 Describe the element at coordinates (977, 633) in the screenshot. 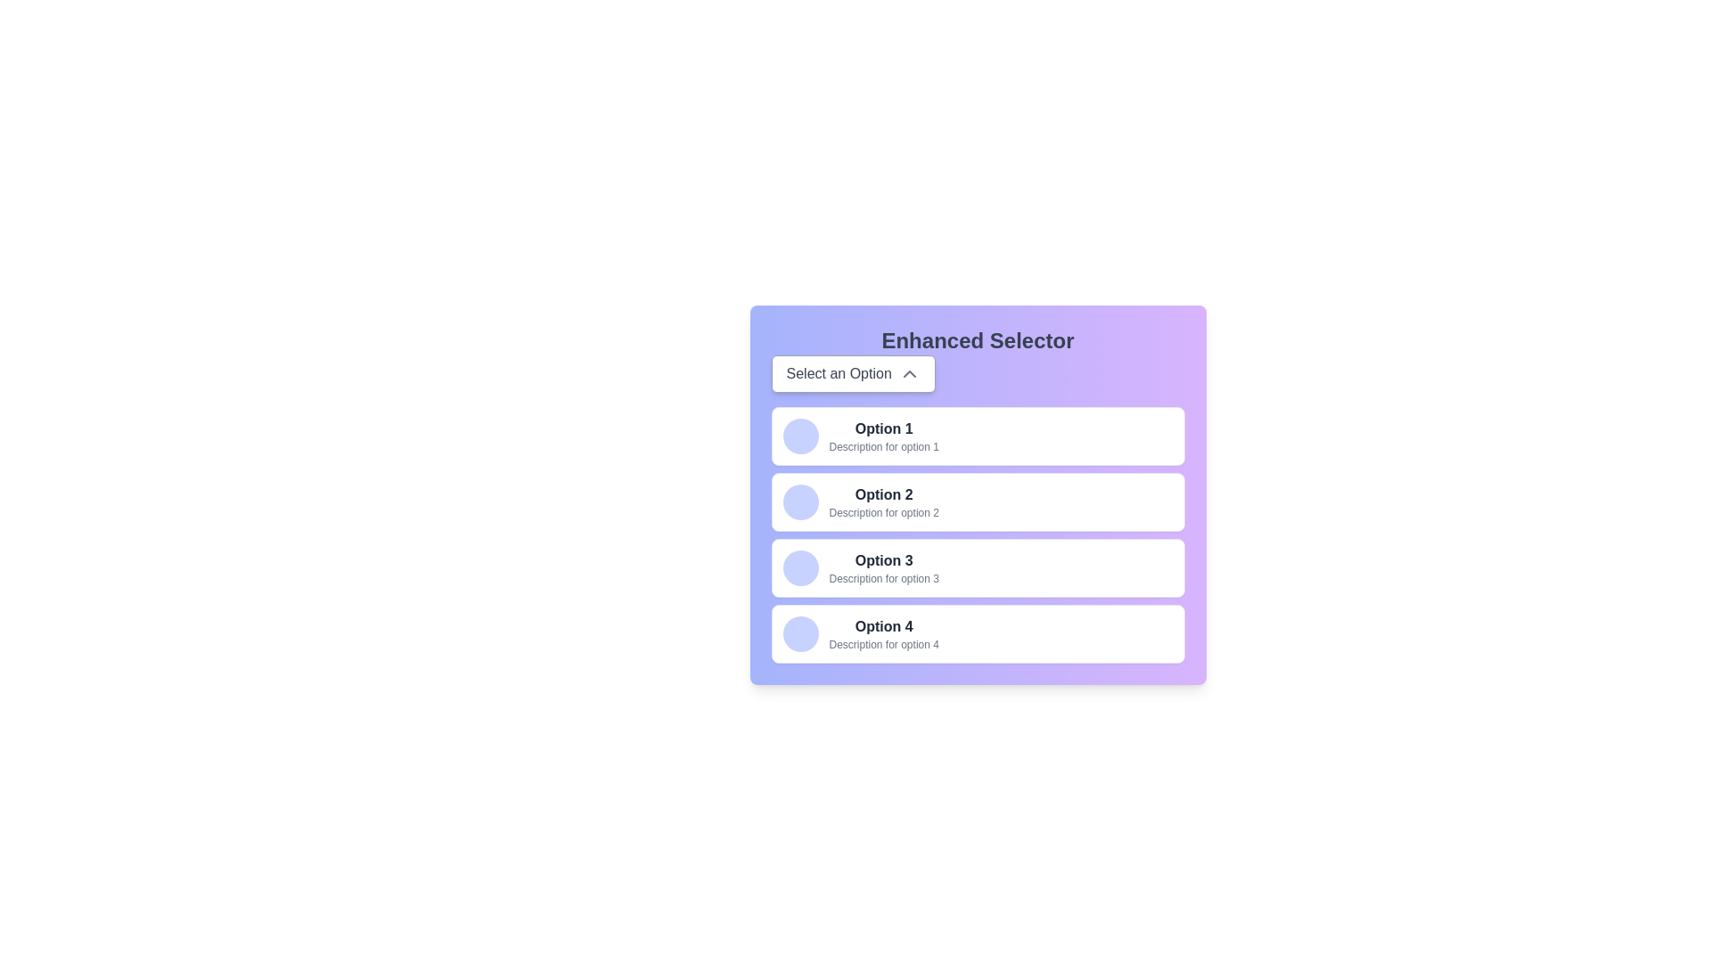

I see `to select 'Option 4' from the selectable list item located at the bottom of the group, directly beneath 'Option 3'` at that location.